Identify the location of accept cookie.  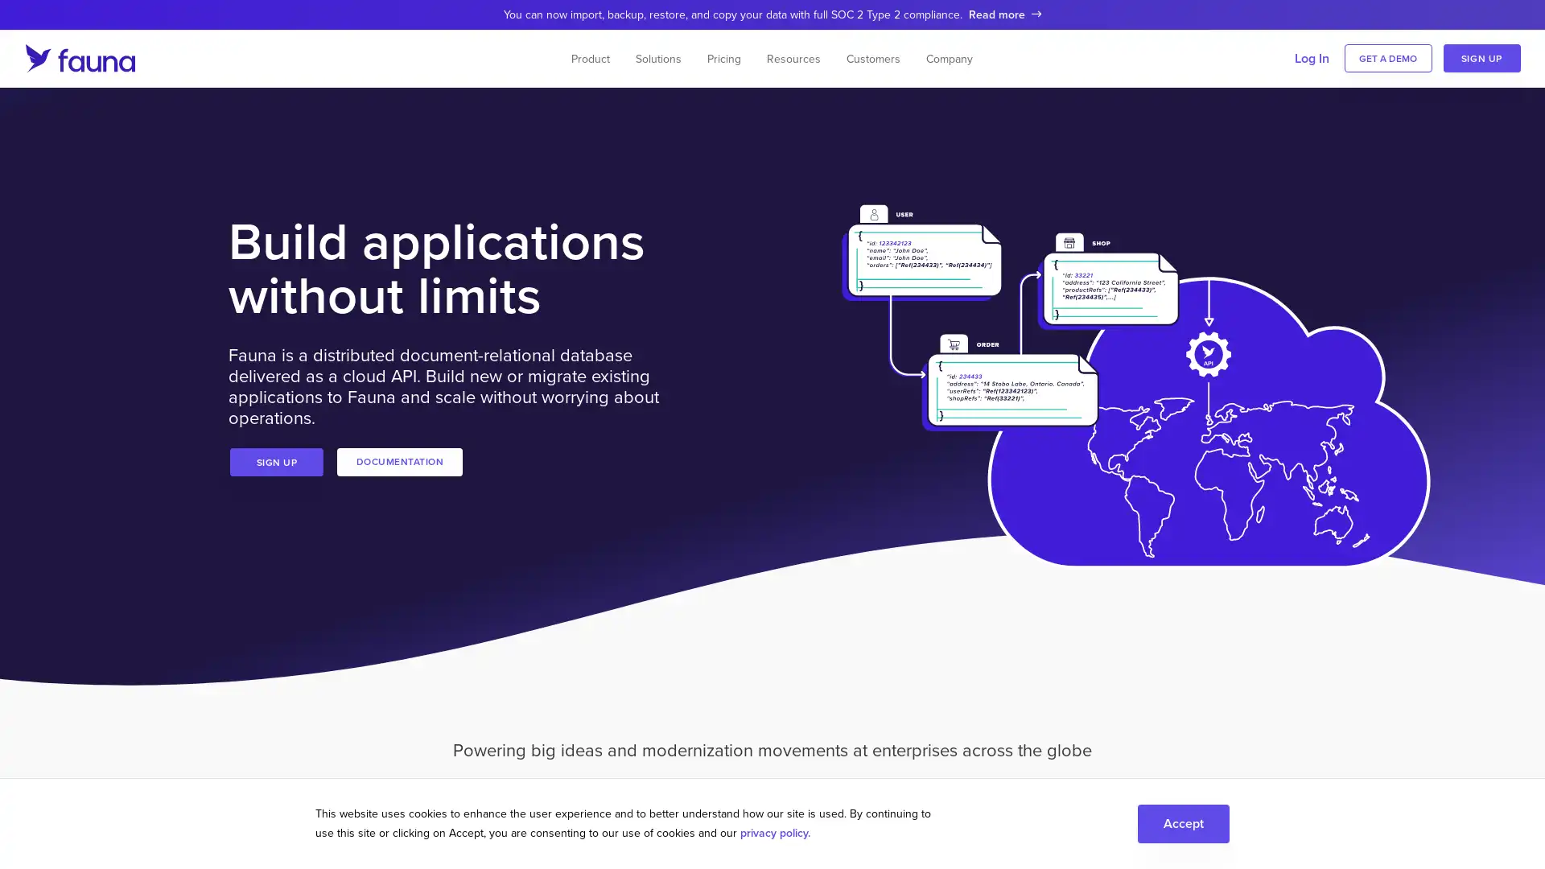
(1183, 822).